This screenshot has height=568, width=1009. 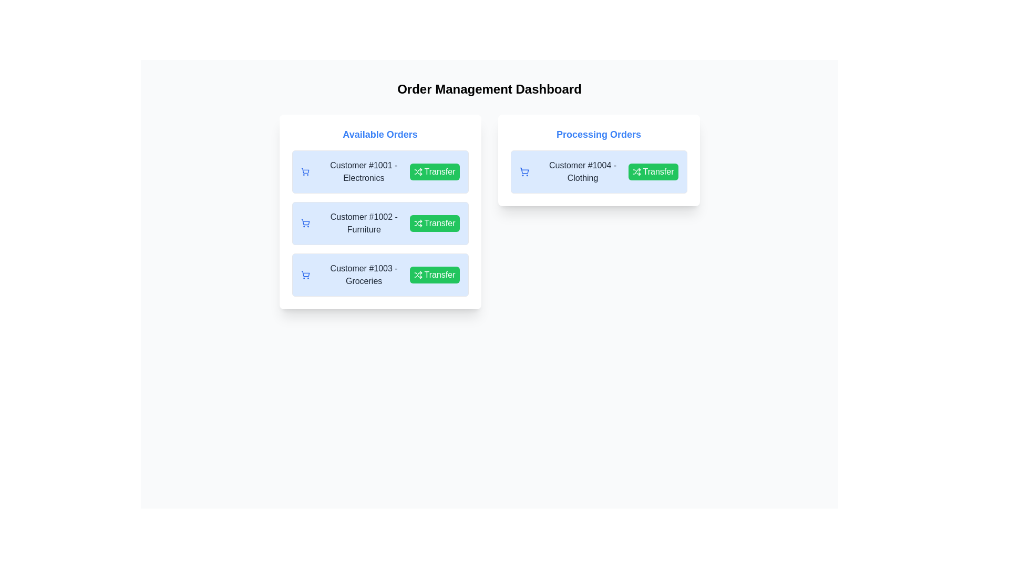 I want to click on the blue shopping cart icon located to the left of the text 'Customer #1002 - Furniture' in the 'Available Orders' section, so click(x=305, y=222).